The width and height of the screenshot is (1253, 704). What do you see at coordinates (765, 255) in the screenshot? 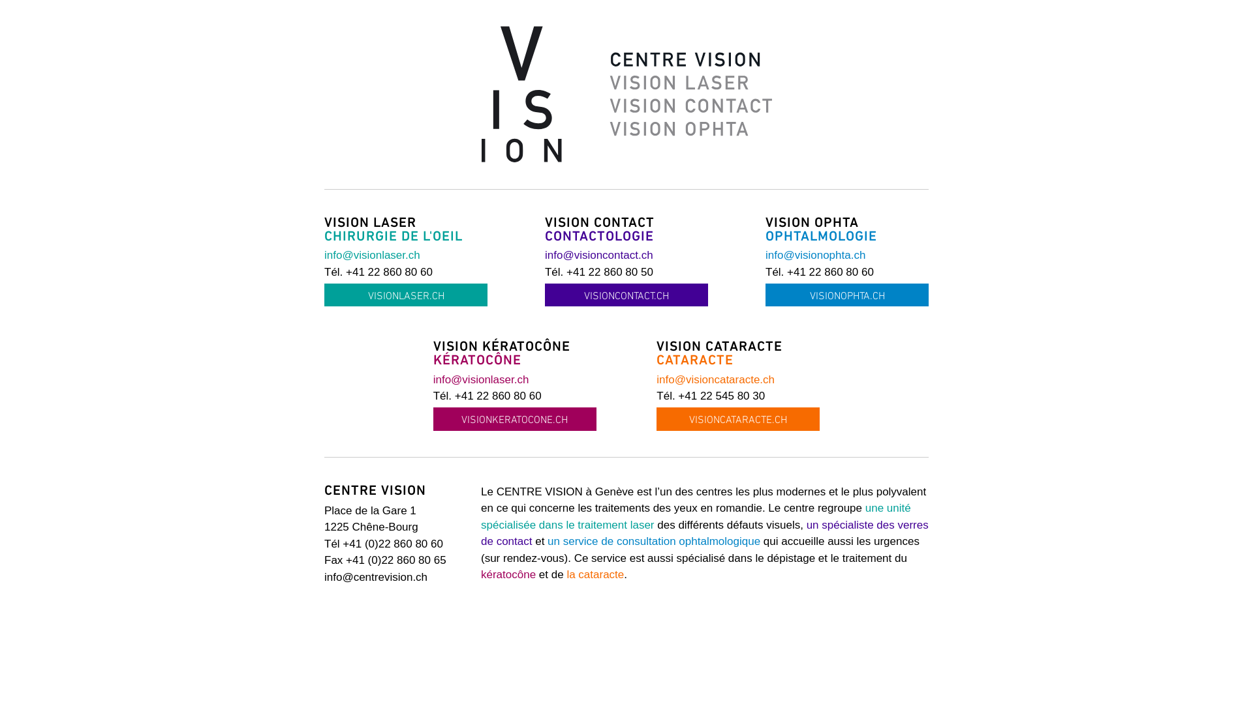
I see `'info@visionophta.ch'` at bounding box center [765, 255].